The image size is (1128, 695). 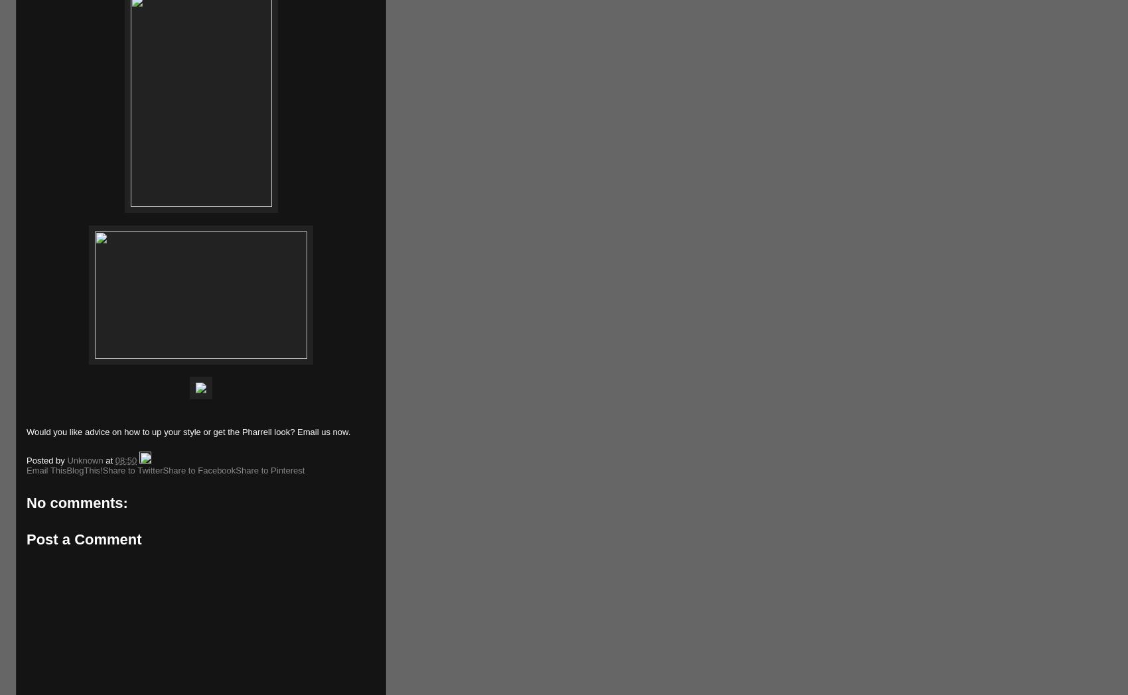 I want to click on 'Share to Pinterest', so click(x=234, y=469).